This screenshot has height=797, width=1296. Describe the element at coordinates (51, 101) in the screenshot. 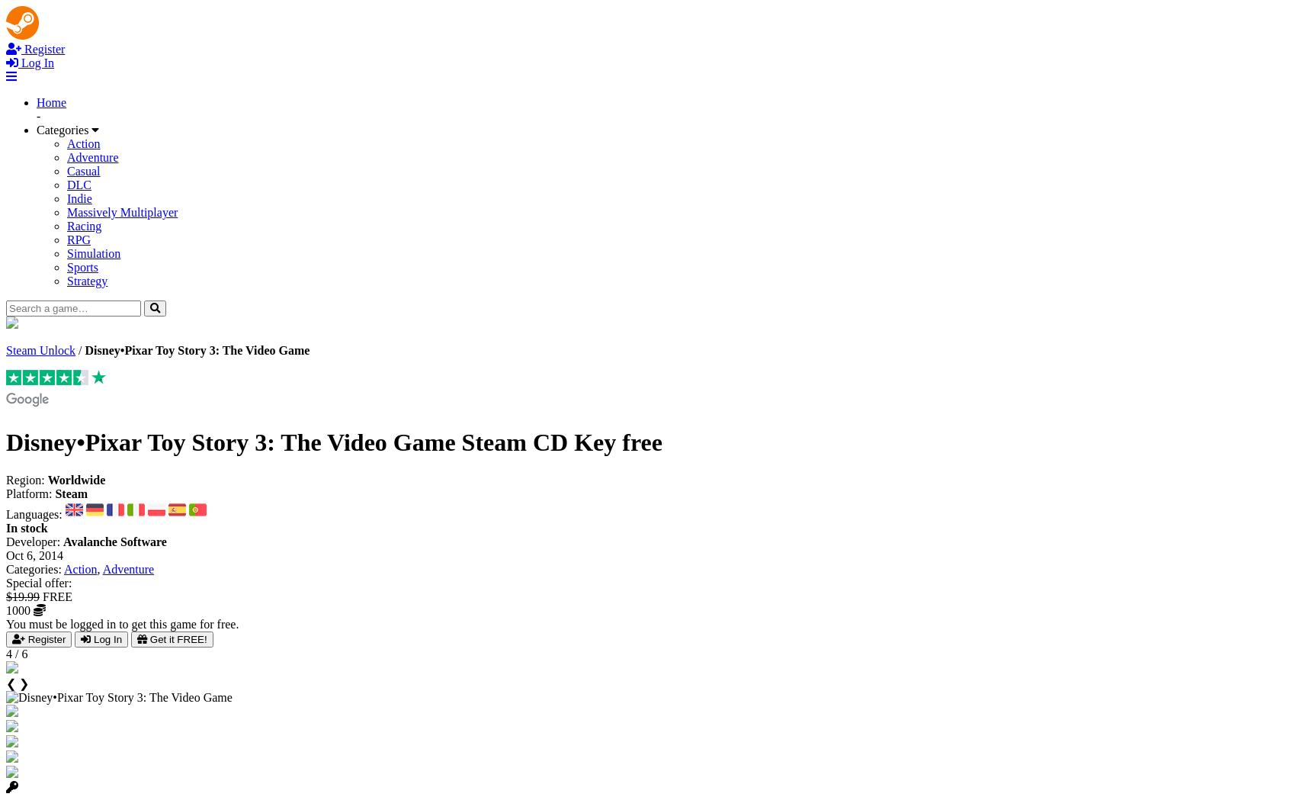

I see `'Home'` at that location.